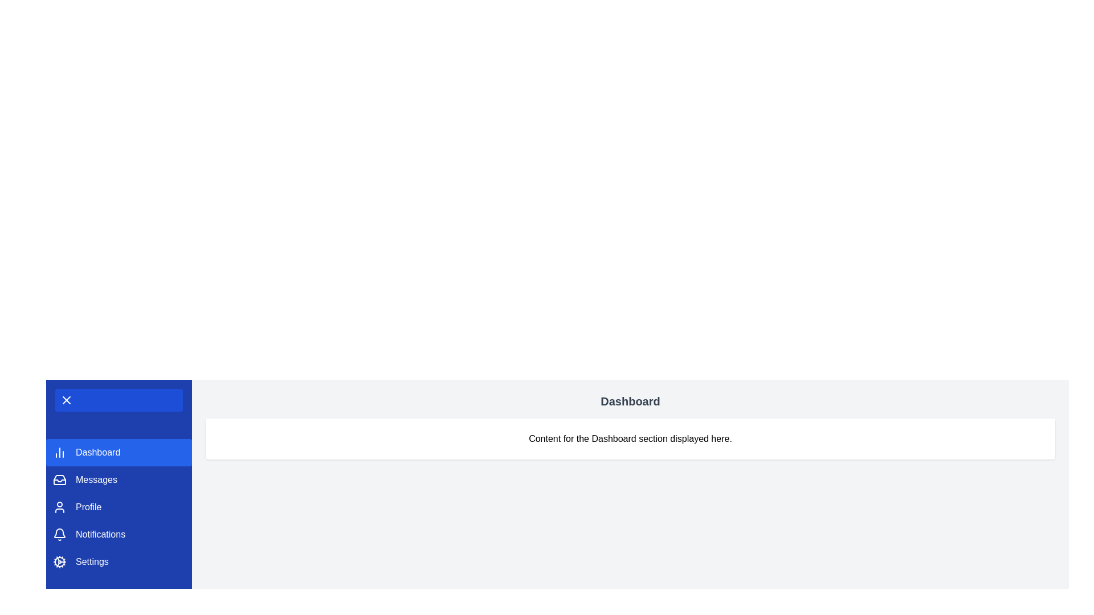  I want to click on the Text Label for the Settings page located in the vertical navigation list, which is the last item above the lower edge of the sidebar, so click(92, 561).